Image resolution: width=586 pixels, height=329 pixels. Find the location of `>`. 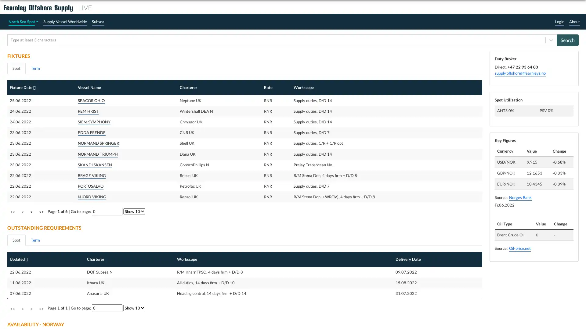

> is located at coordinates (31, 211).